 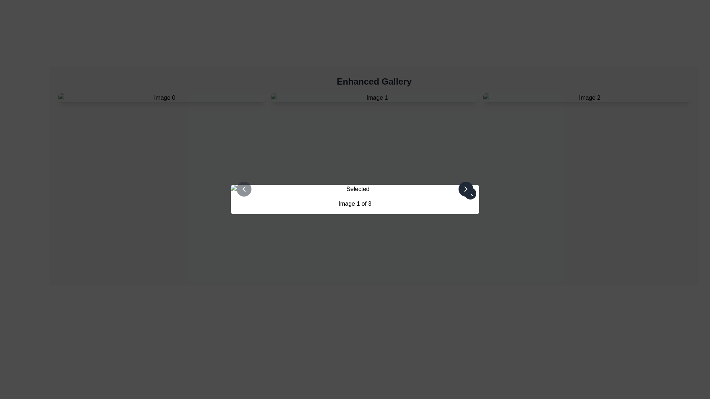 I want to click on the first clickable gallery item displaying the text 'Image 0' with a dark background located on the far left of the grid layout, so click(x=161, y=98).